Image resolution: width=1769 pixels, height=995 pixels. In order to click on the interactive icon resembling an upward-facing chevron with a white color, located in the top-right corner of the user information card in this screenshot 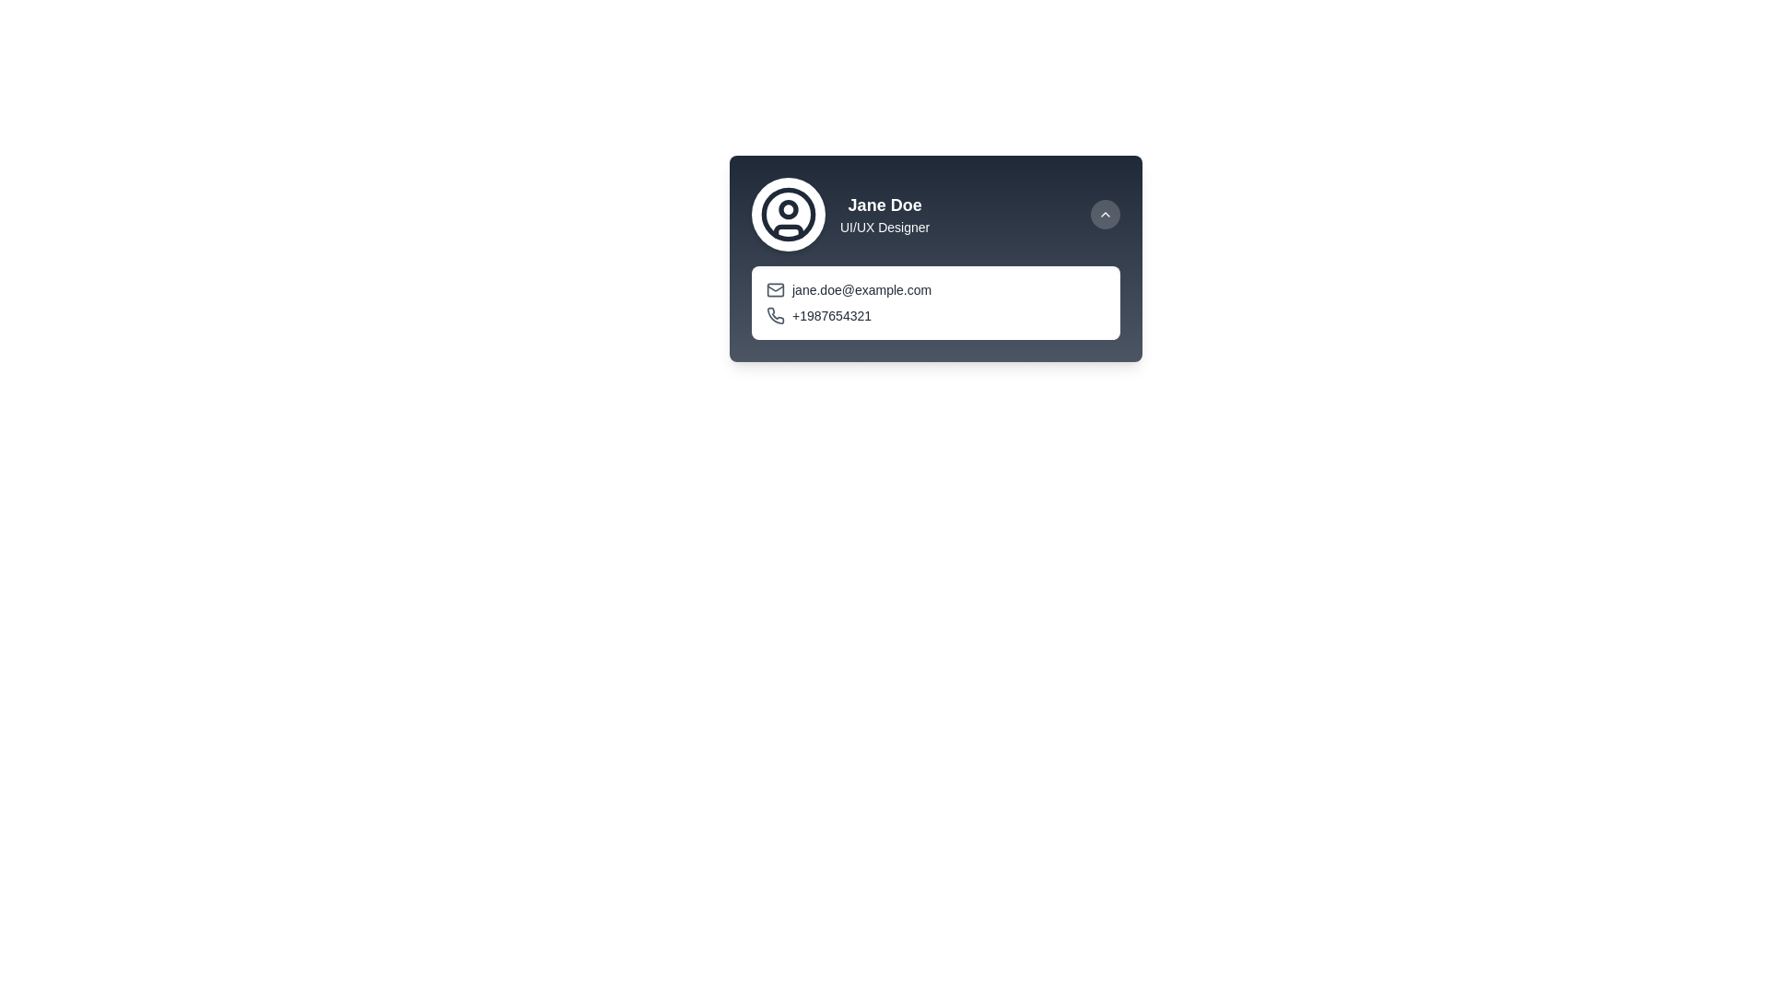, I will do `click(1106, 213)`.